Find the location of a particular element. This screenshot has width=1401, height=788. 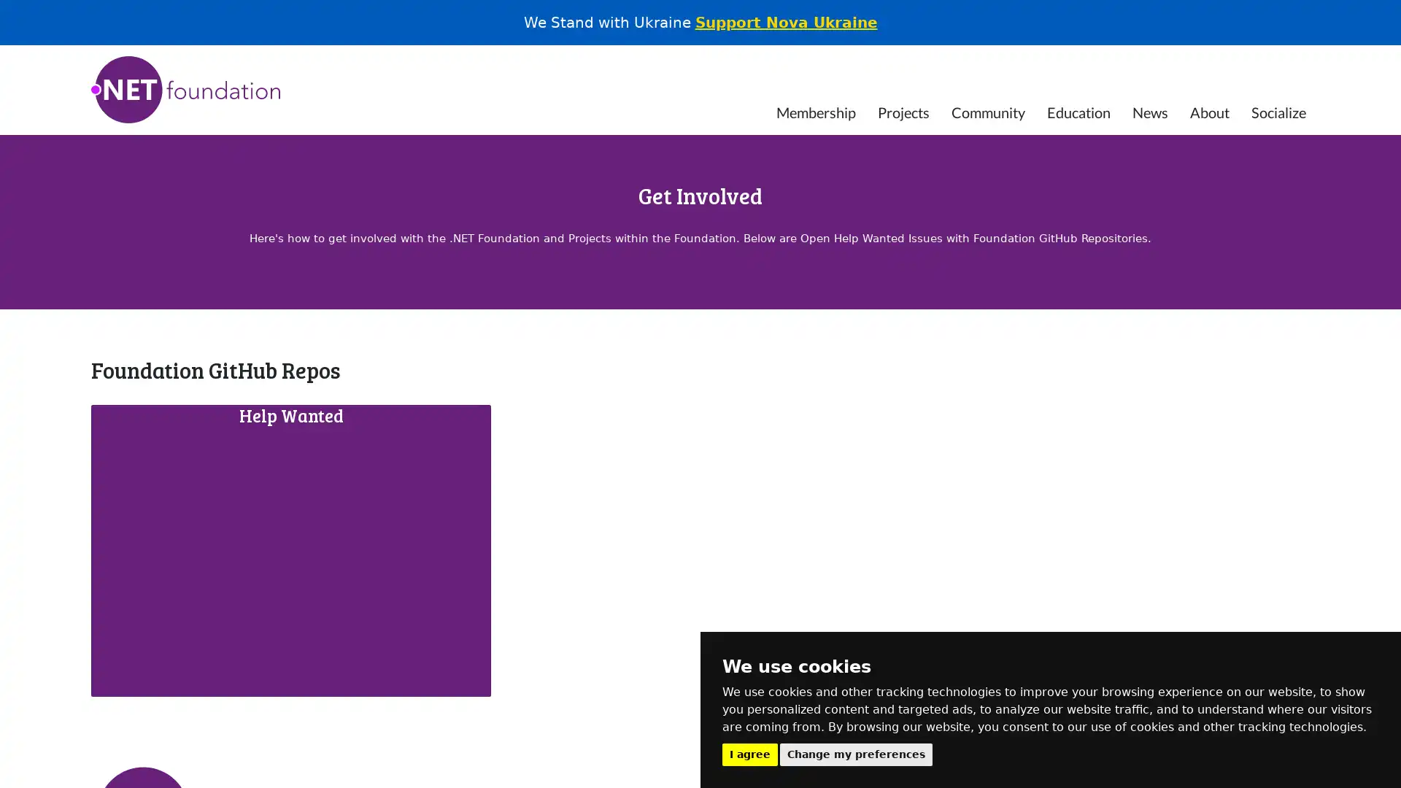

I agree is located at coordinates (749, 754).